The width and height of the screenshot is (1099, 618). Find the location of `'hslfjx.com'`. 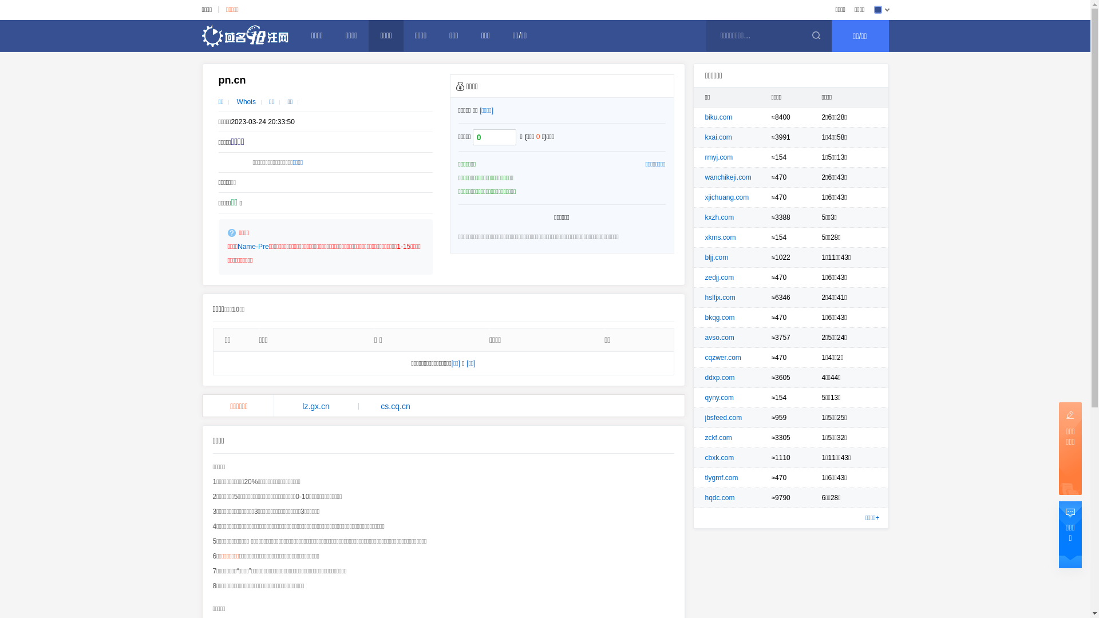

'hslfjx.com' is located at coordinates (720, 297).